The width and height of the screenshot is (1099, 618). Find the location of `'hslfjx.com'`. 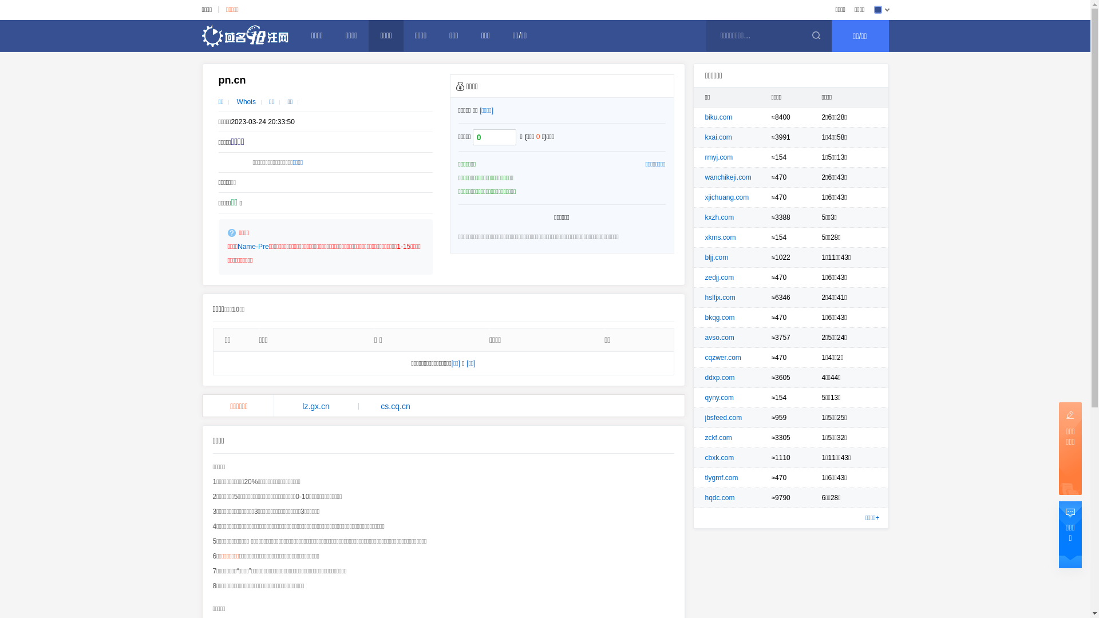

'hslfjx.com' is located at coordinates (720, 297).